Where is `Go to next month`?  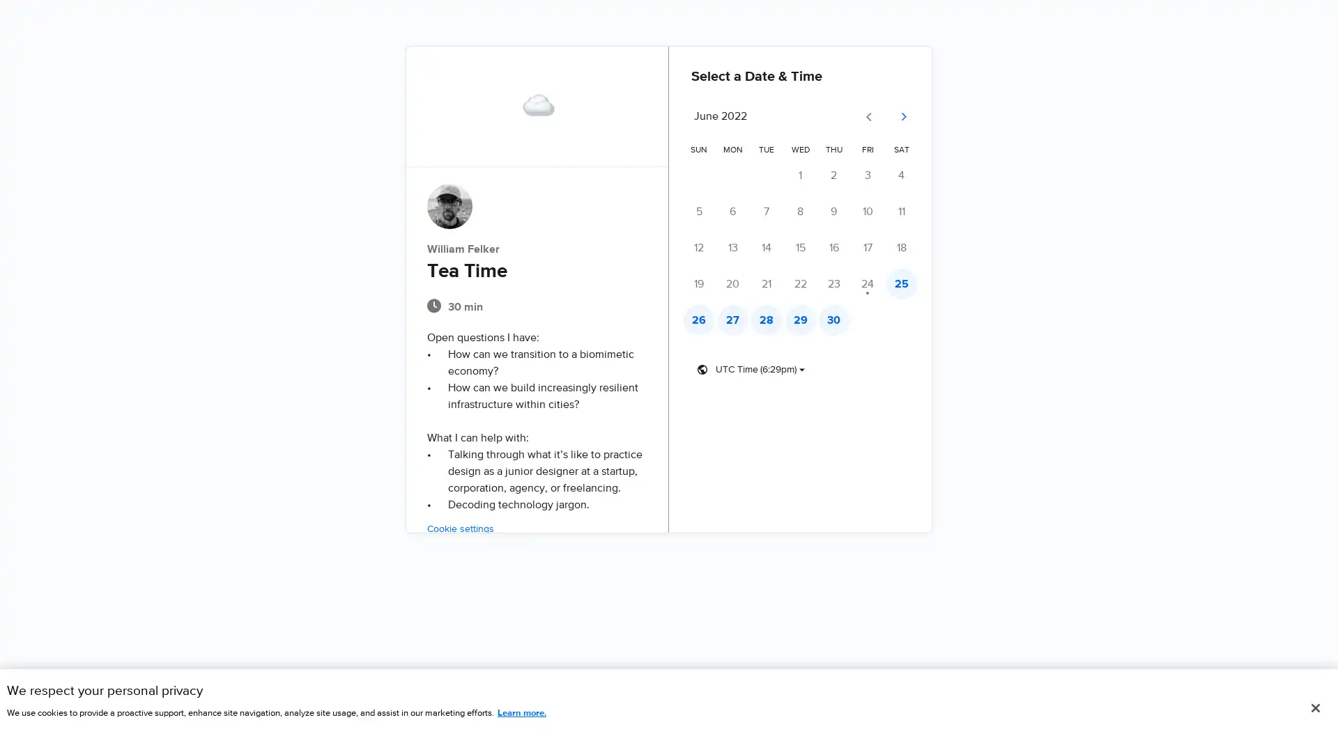
Go to next month is located at coordinates (917, 116).